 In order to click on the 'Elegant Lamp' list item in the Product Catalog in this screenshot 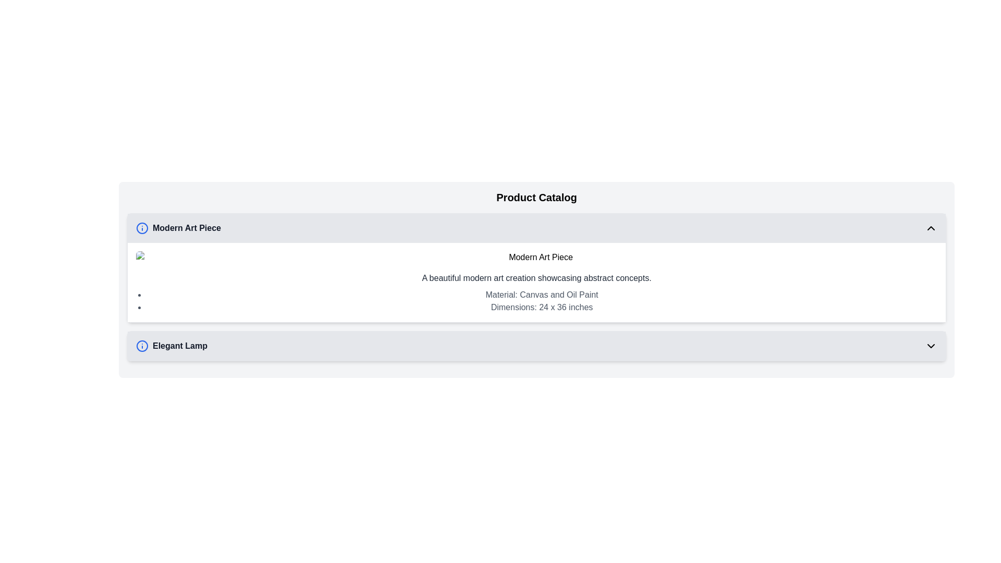, I will do `click(536, 346)`.